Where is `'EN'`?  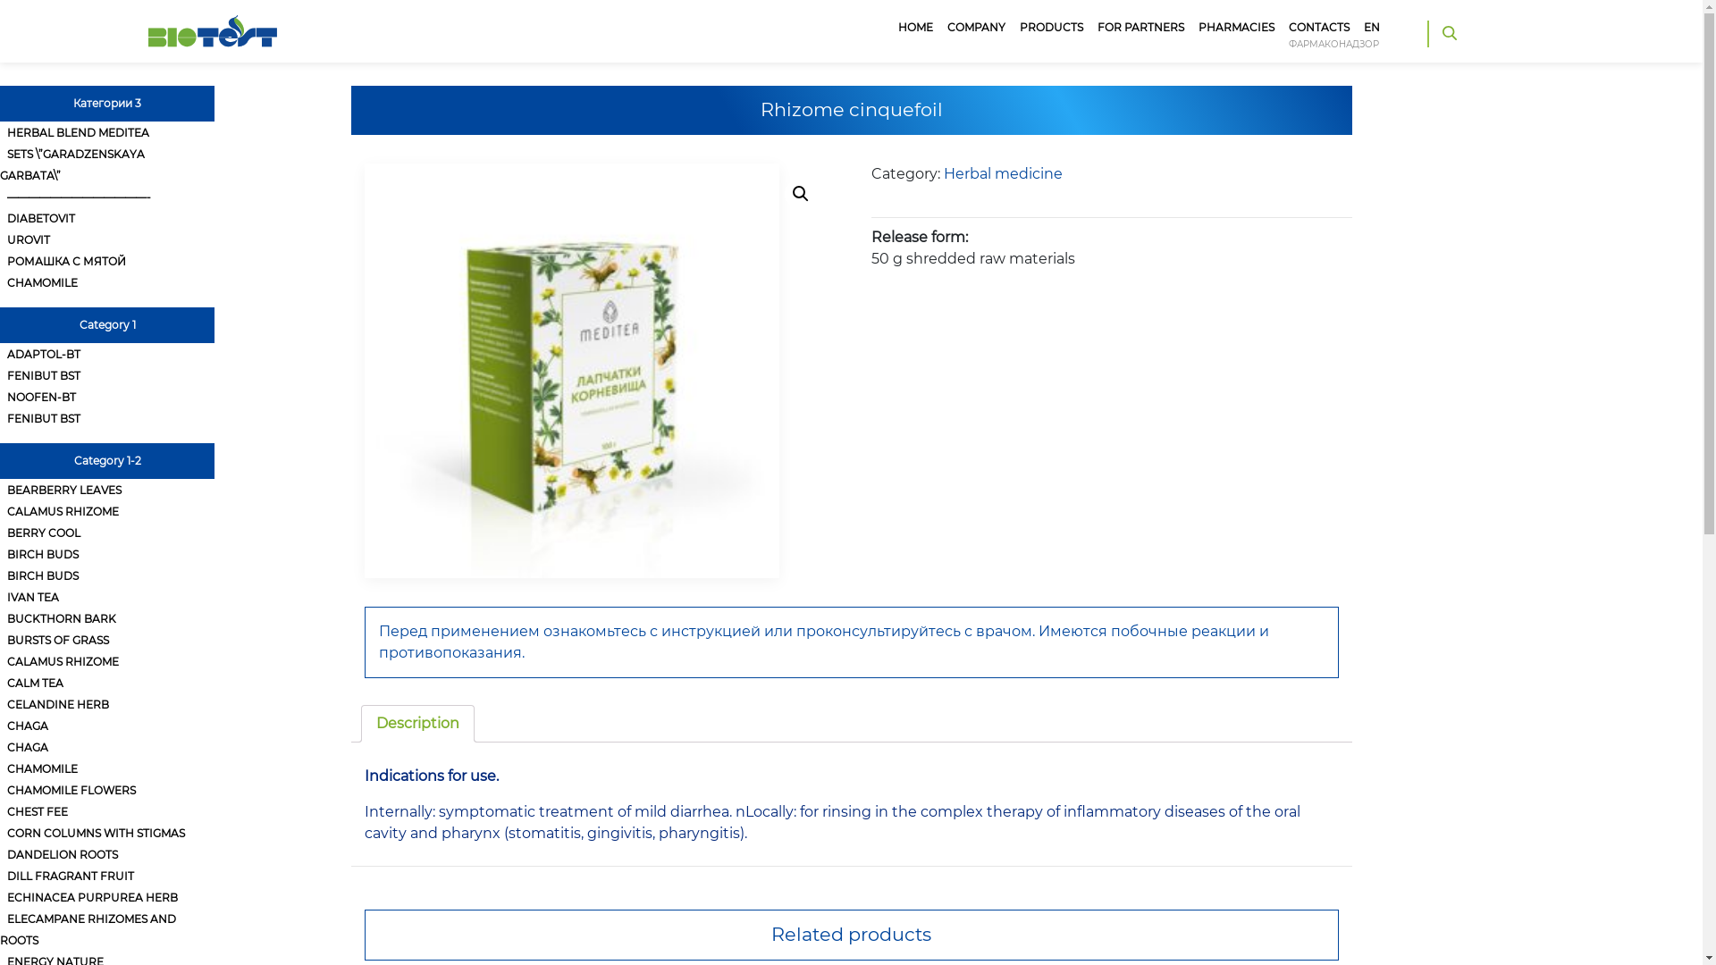 'EN' is located at coordinates (1371, 27).